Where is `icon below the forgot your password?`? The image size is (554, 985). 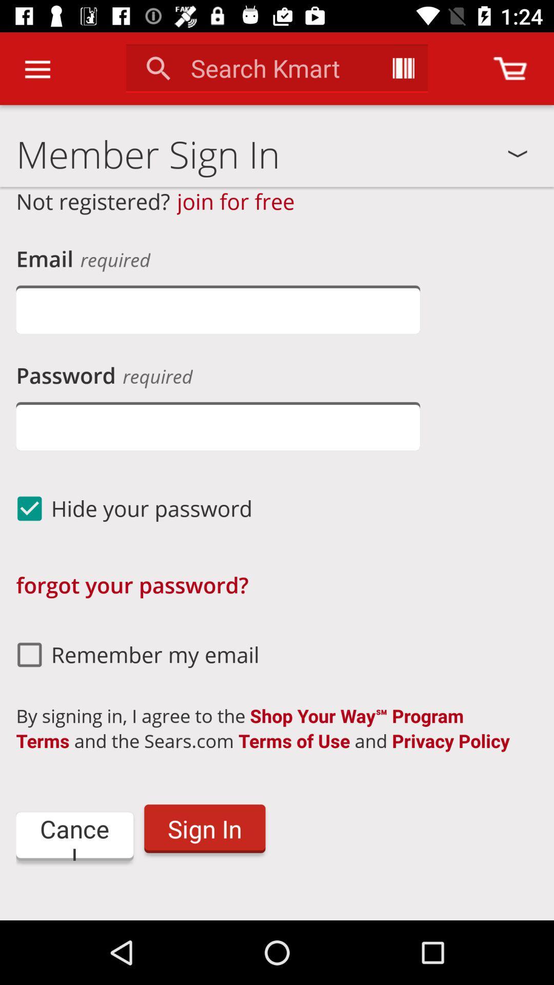
icon below the forgot your password? is located at coordinates (133, 654).